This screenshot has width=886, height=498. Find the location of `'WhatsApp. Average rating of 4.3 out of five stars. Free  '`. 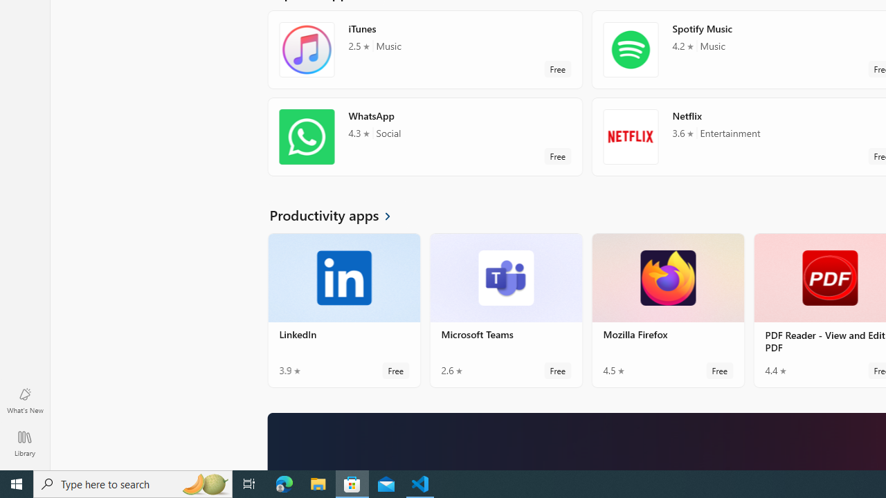

'WhatsApp. Average rating of 4.3 out of five stars. Free  ' is located at coordinates (424, 142).